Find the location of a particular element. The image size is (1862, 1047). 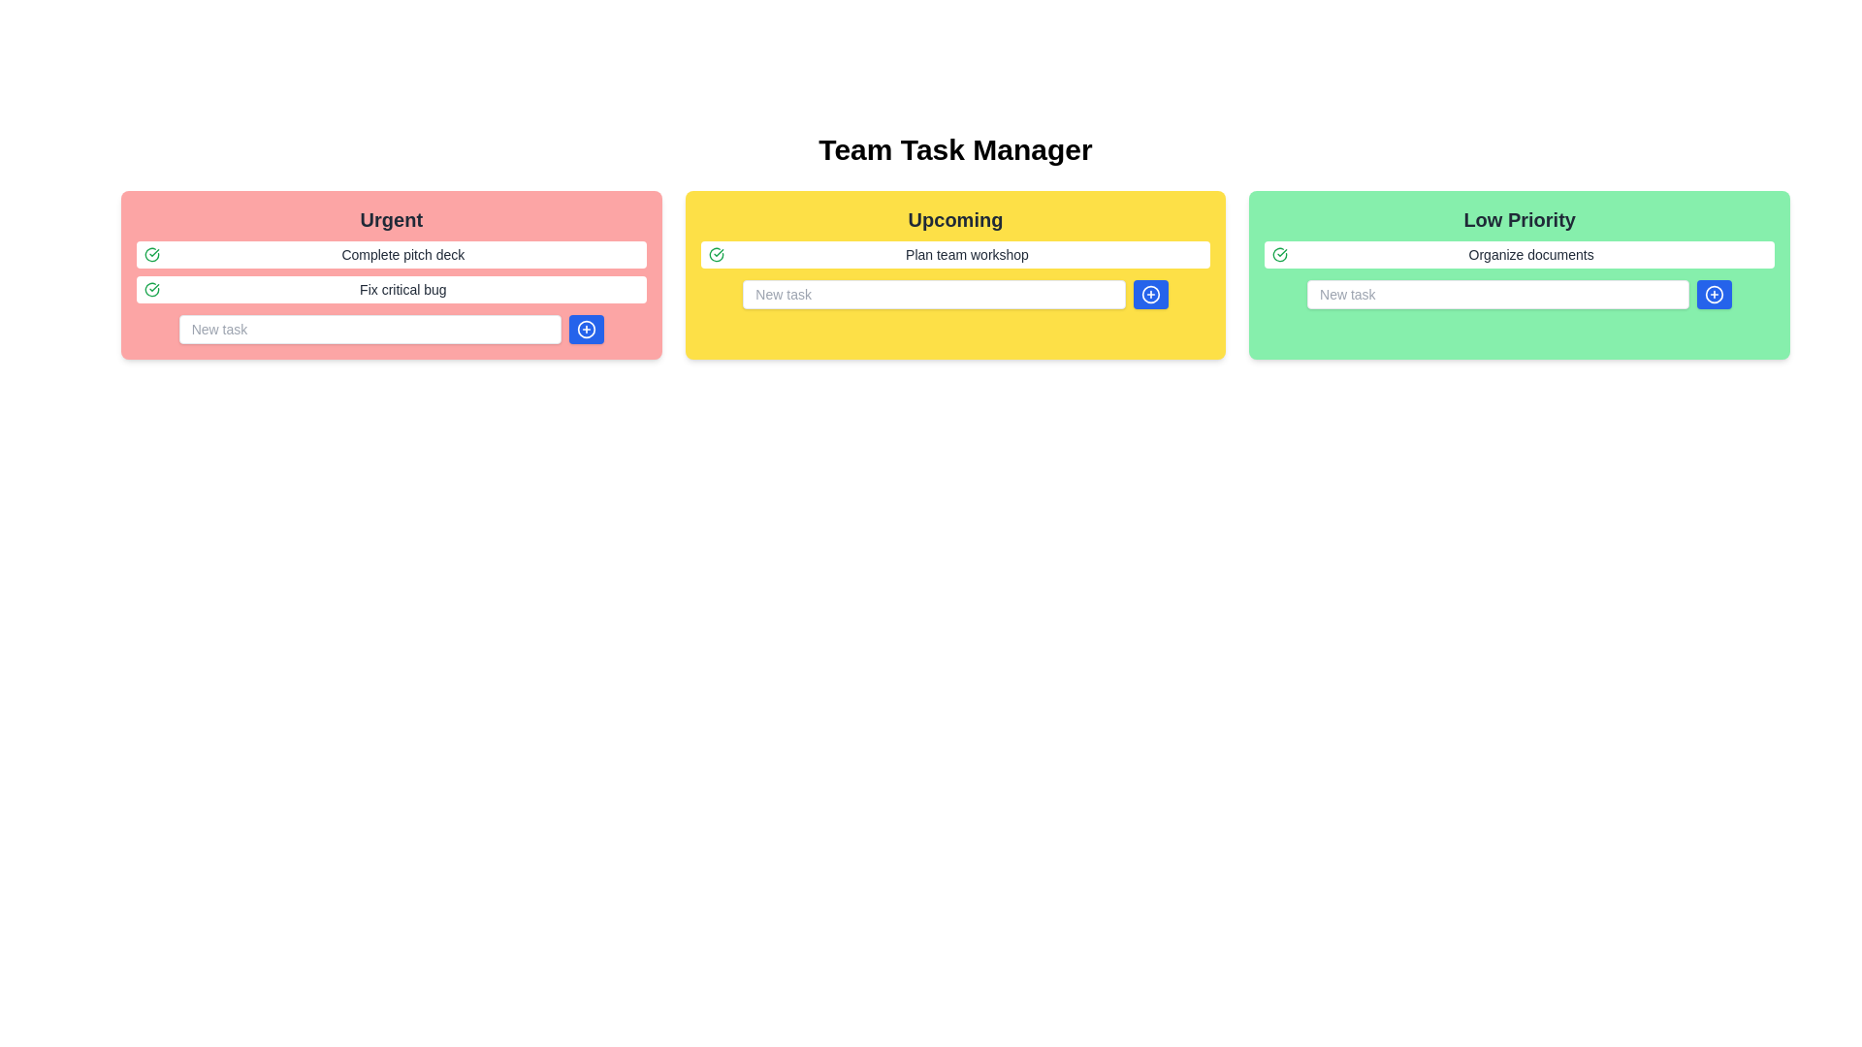

the action button styled as an icon located in the yellow 'Upcoming' section is located at coordinates (1150, 295).